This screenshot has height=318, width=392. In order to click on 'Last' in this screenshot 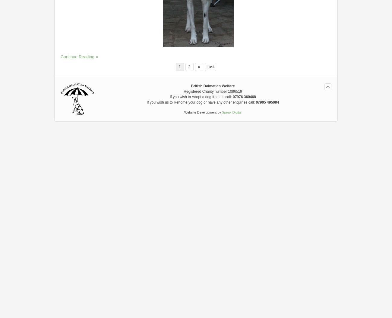, I will do `click(206, 66)`.